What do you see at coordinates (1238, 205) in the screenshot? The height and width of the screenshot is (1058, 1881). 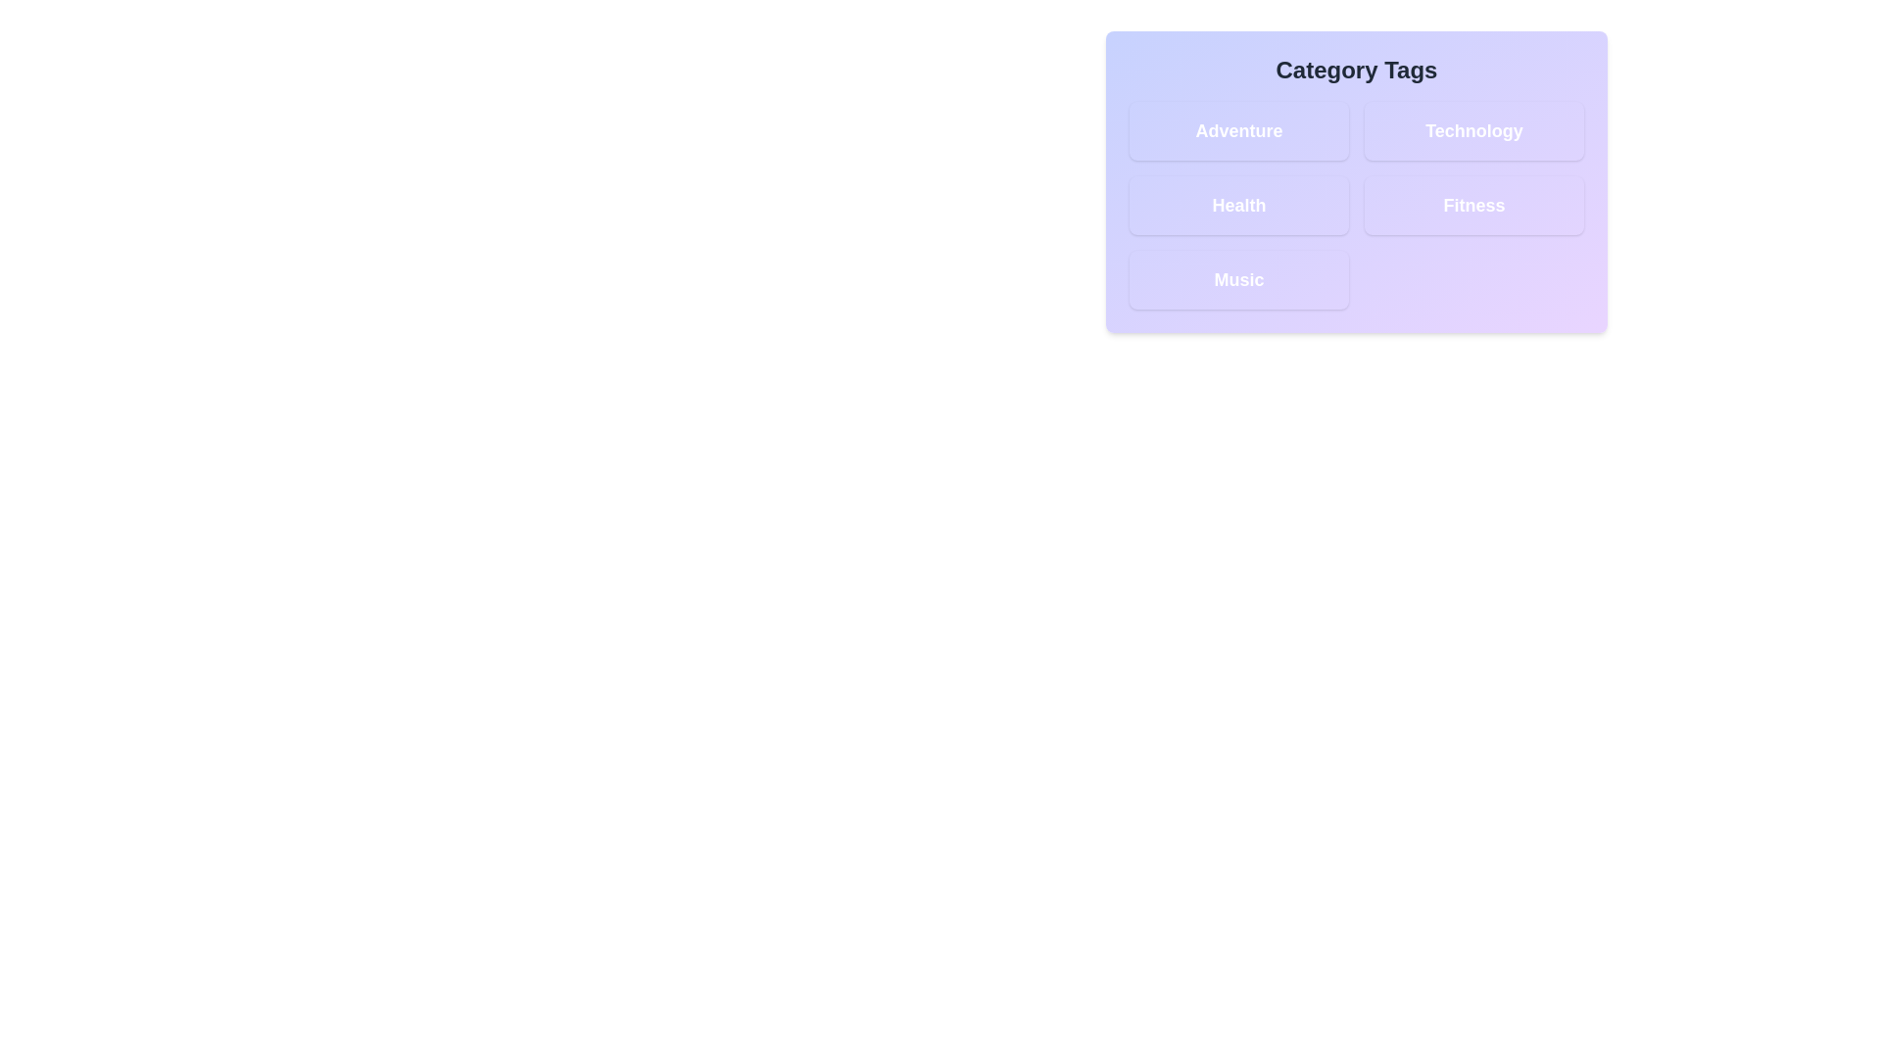 I see `the tag labeled Health to toggle its active state` at bounding box center [1238, 205].